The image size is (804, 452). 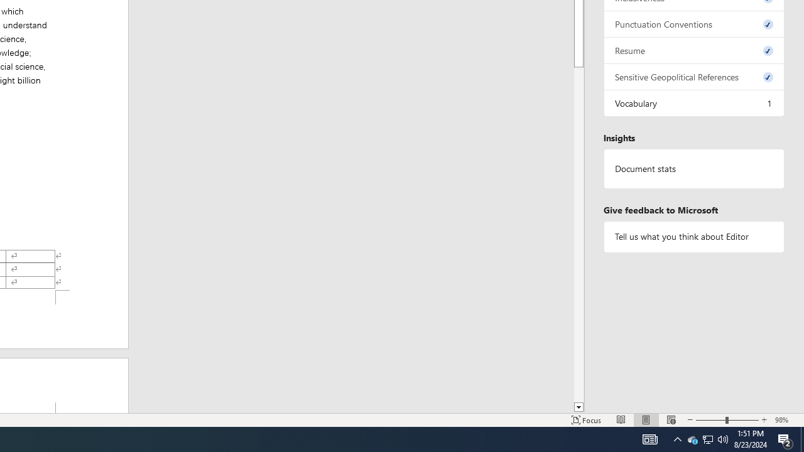 What do you see at coordinates (578, 232) in the screenshot?
I see `'Page down'` at bounding box center [578, 232].